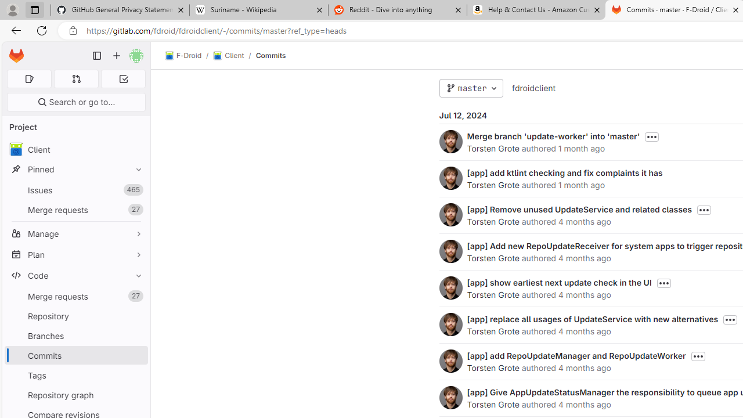 Image resolution: width=743 pixels, height=418 pixels. What do you see at coordinates (258, 10) in the screenshot?
I see `'Suriname - Wikipedia'` at bounding box center [258, 10].